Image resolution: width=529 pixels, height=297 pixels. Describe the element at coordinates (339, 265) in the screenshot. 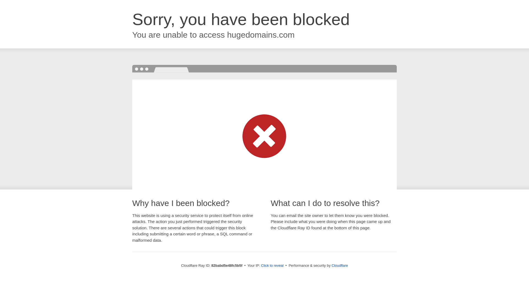

I see `'Cloudflare'` at that location.